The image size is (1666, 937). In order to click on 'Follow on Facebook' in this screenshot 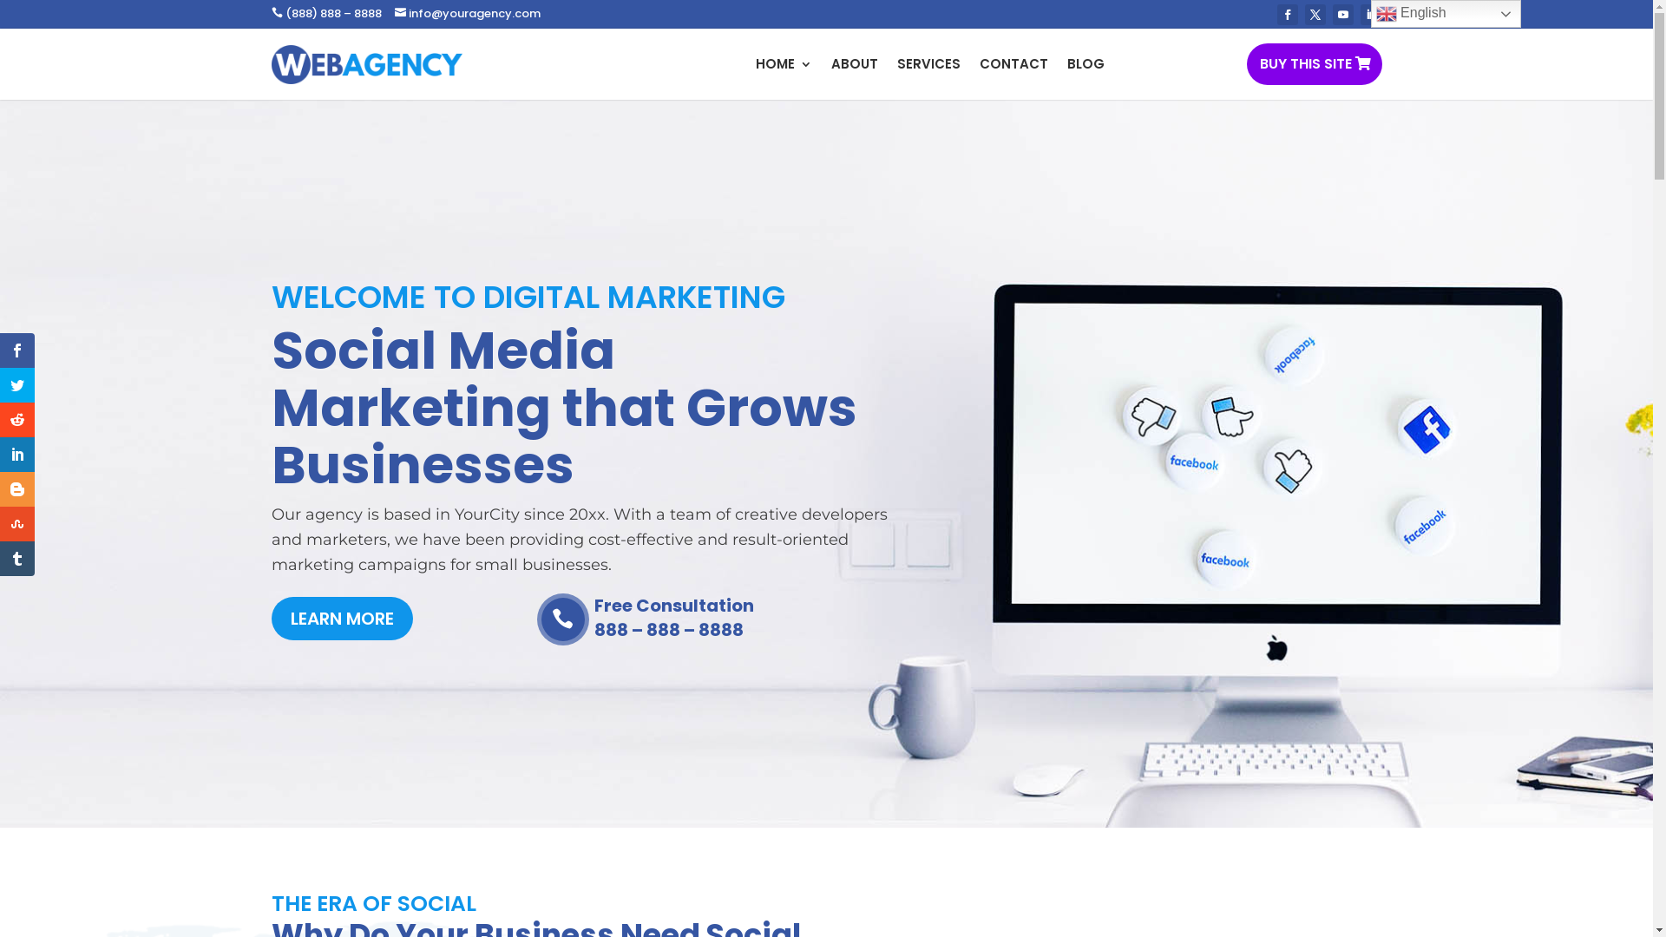, I will do `click(1277, 14)`.